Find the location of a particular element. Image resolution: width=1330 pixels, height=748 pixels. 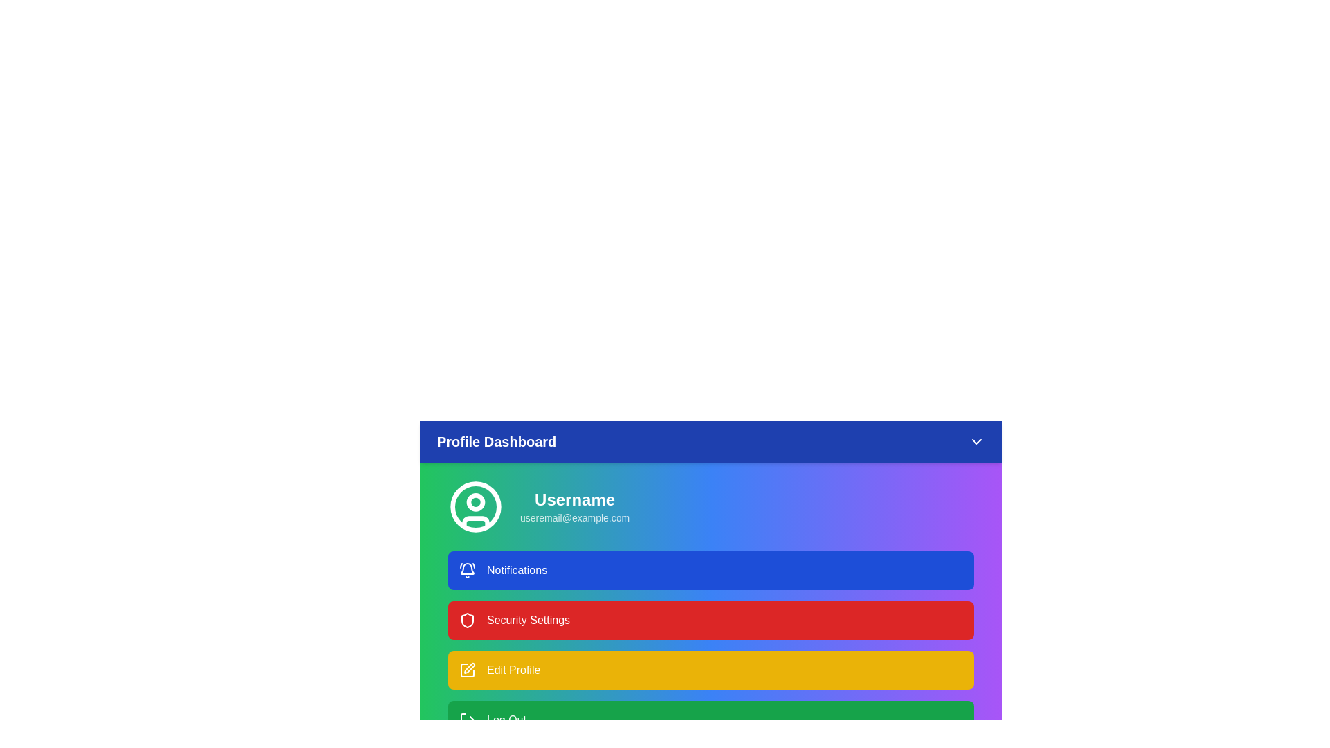

the 'Notifications' menu item is located at coordinates (711, 571).